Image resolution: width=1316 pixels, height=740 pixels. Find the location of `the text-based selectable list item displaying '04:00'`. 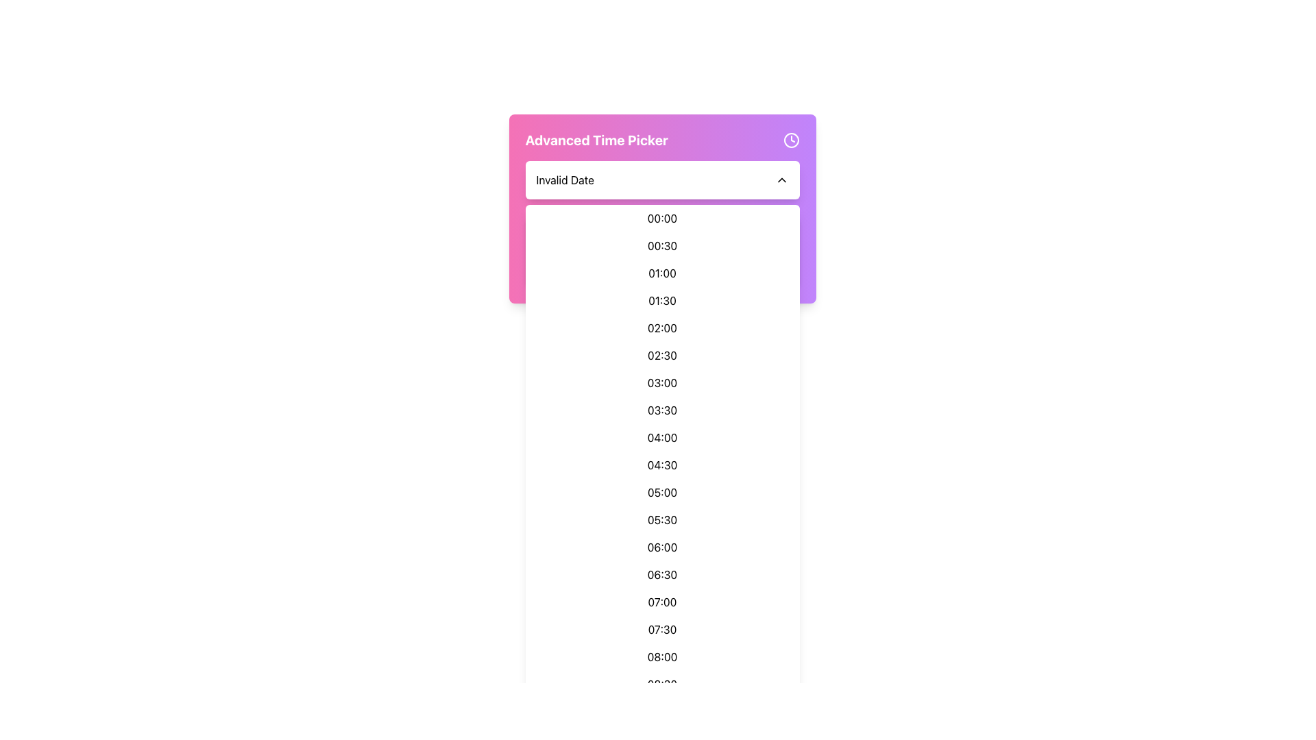

the text-based selectable list item displaying '04:00' is located at coordinates (662, 438).